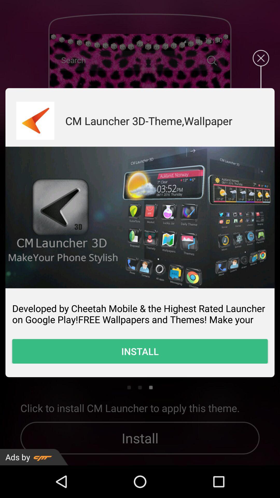  I want to click on the close icon, so click(261, 62).